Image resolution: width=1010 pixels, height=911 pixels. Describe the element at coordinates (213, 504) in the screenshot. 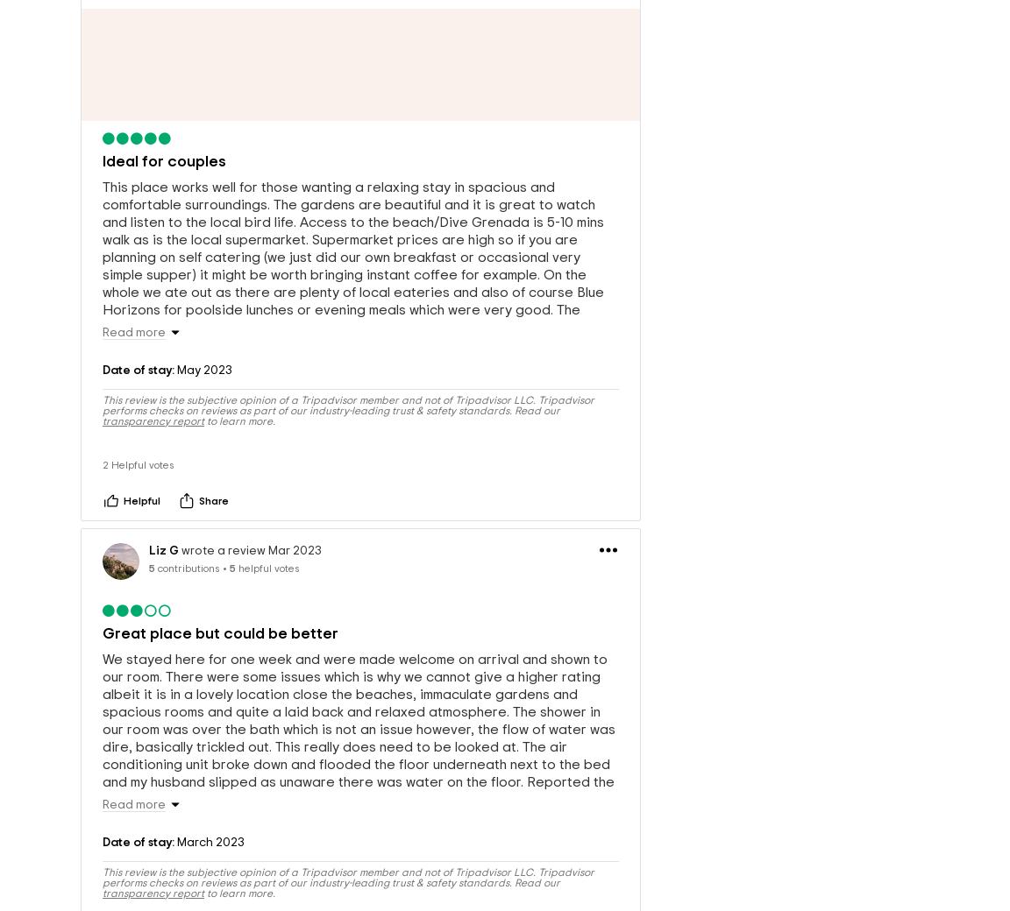

I see `'Share'` at that location.